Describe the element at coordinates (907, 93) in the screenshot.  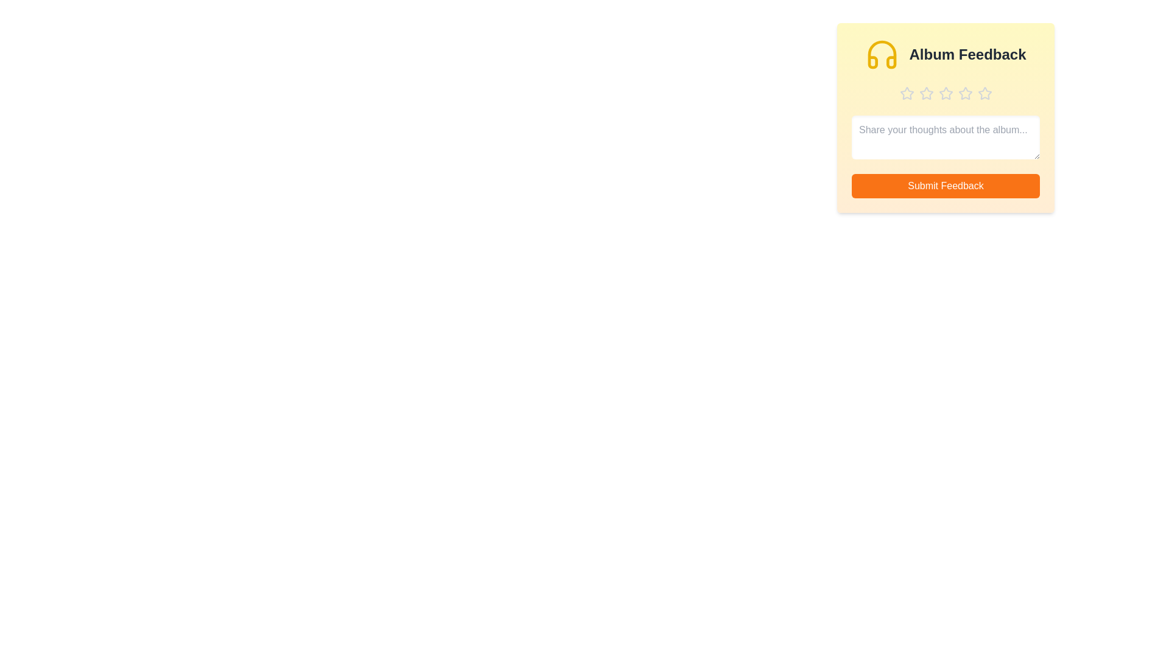
I see `the star corresponding to 1 stars to preview the rating` at that location.